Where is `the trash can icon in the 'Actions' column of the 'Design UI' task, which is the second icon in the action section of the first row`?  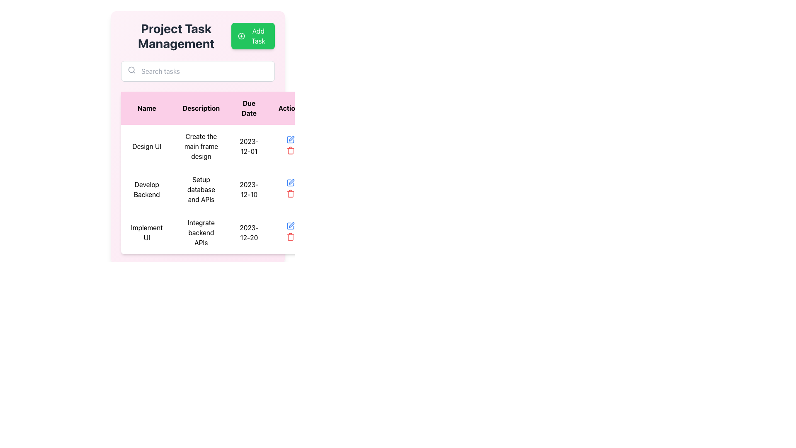 the trash can icon in the 'Actions' column of the 'Design UI' task, which is the second icon in the action section of the first row is located at coordinates (290, 151).